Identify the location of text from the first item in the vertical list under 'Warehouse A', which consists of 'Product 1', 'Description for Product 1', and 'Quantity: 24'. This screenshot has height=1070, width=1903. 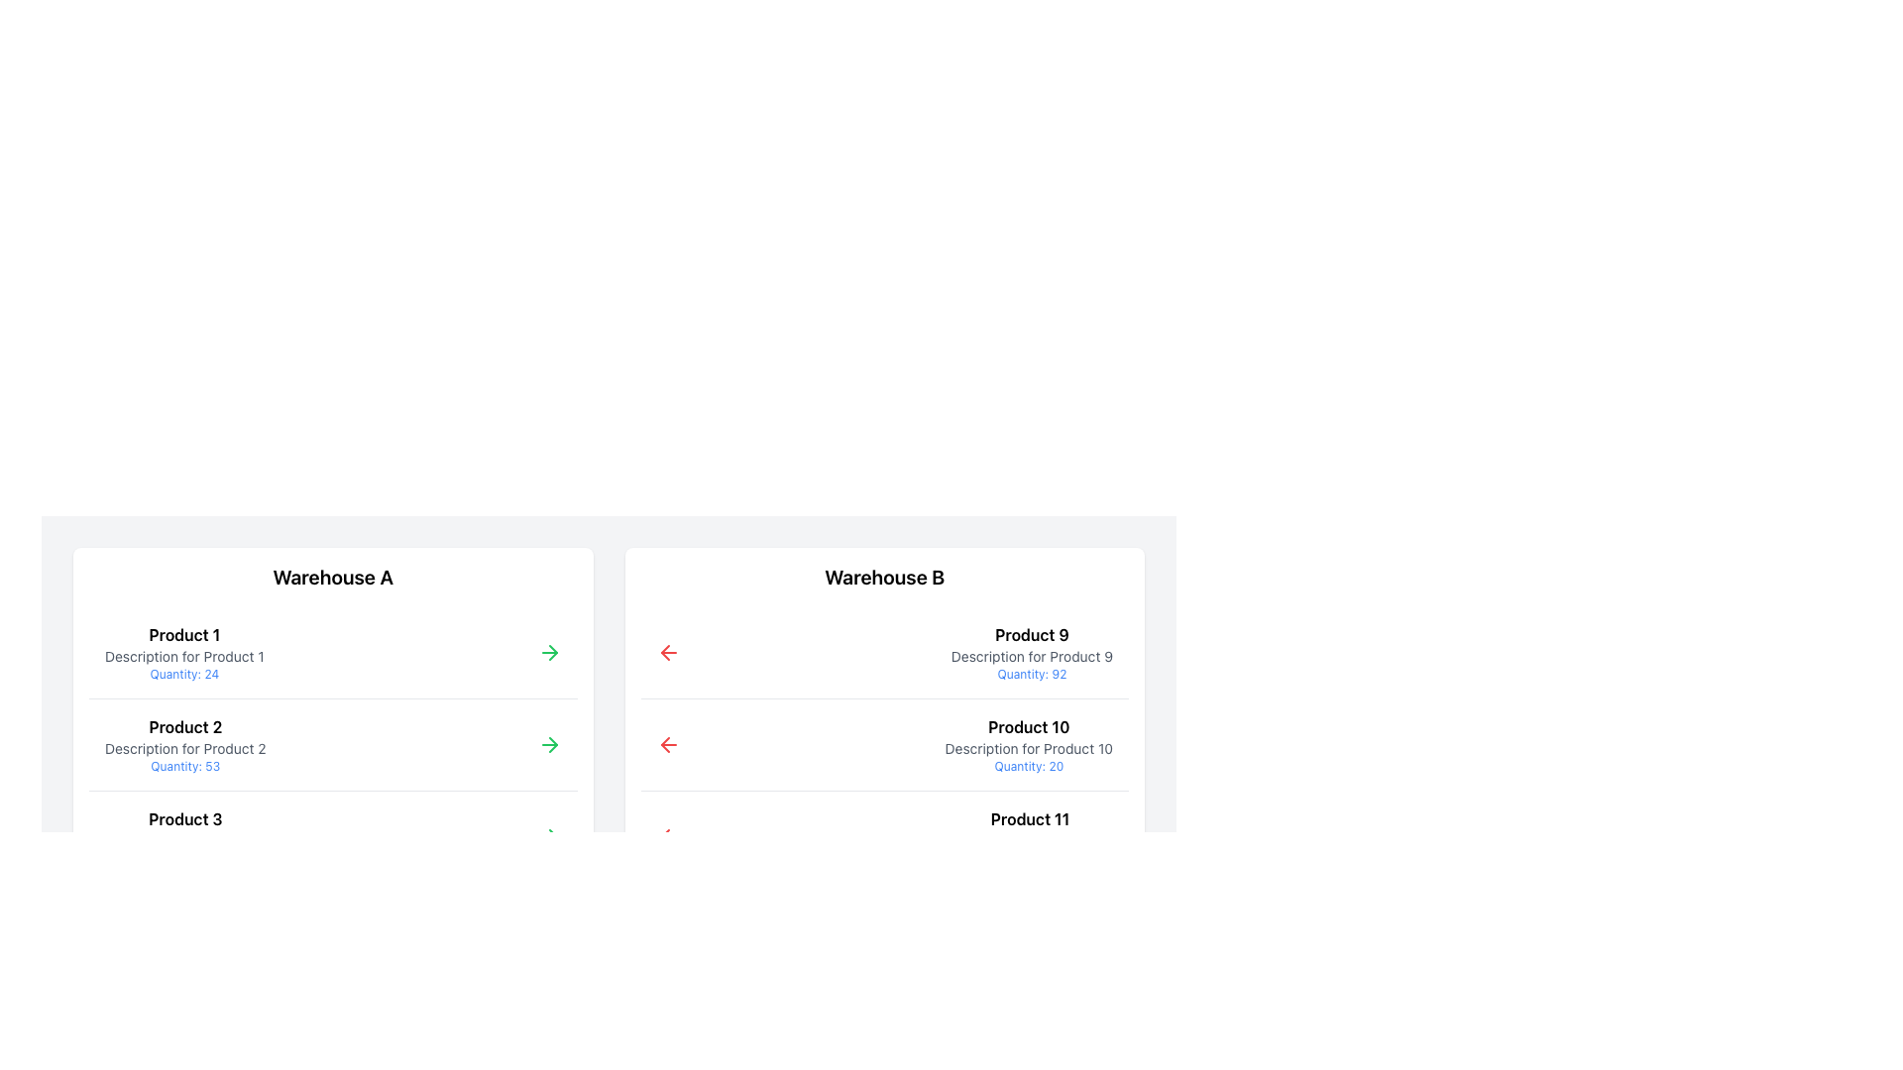
(184, 653).